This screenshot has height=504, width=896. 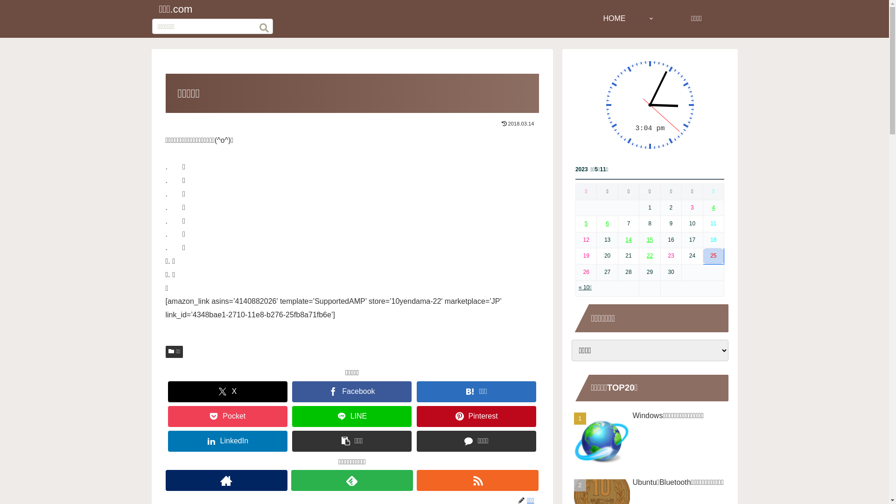 What do you see at coordinates (351, 392) in the screenshot?
I see `'Facebook'` at bounding box center [351, 392].